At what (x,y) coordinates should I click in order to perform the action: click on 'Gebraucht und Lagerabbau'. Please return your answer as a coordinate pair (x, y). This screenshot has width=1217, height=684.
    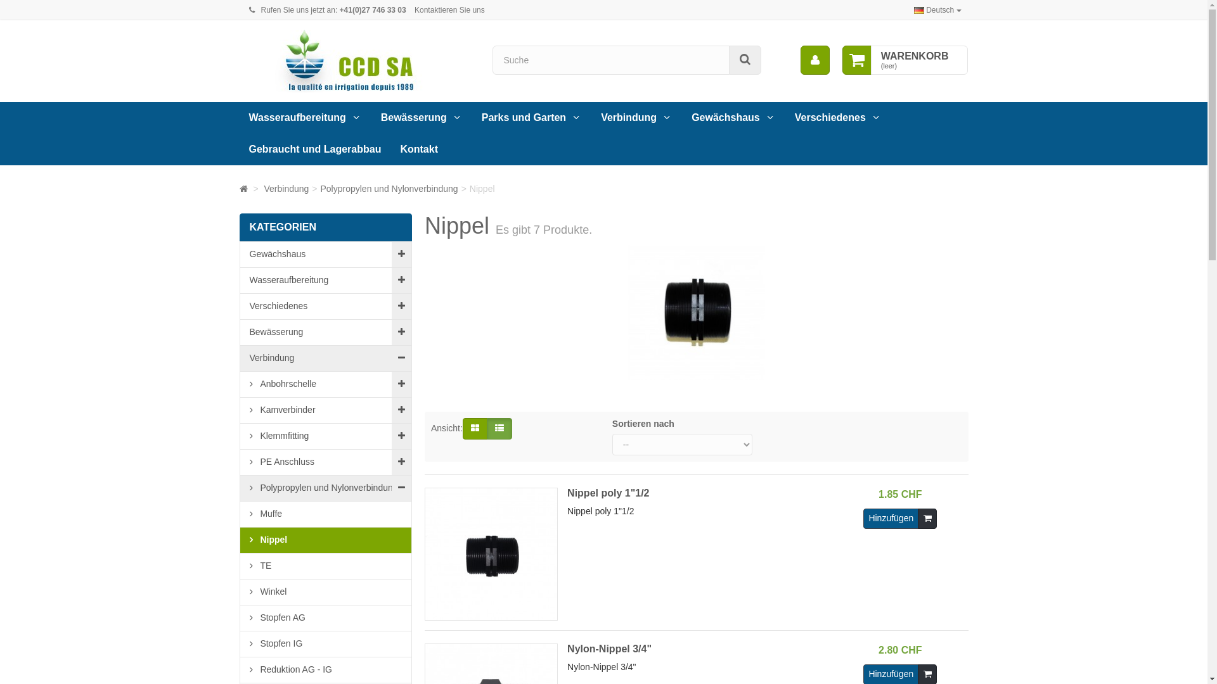
    Looking at the image, I should click on (315, 148).